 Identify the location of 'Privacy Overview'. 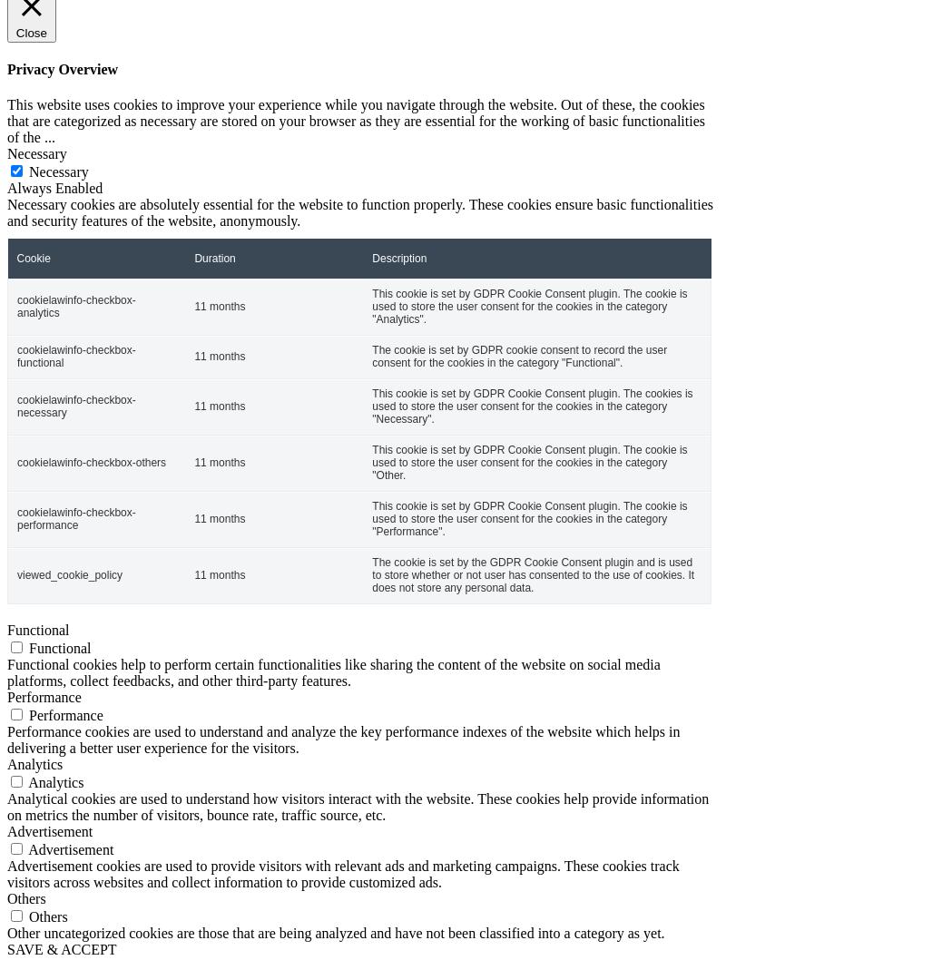
(62, 69).